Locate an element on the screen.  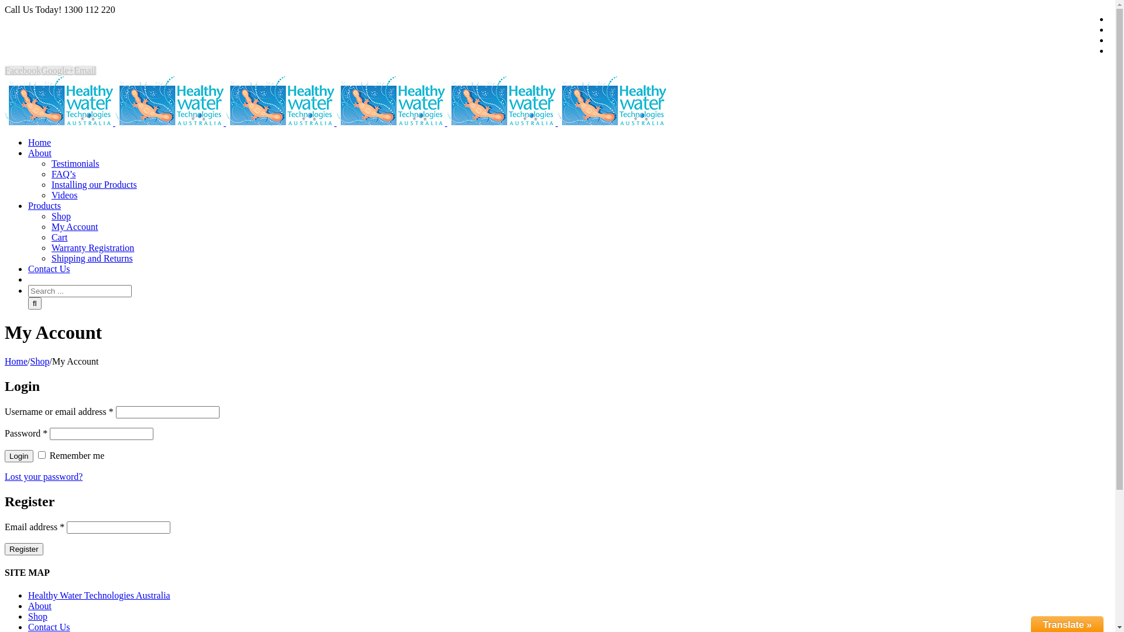
'Google+' is located at coordinates (56, 70).